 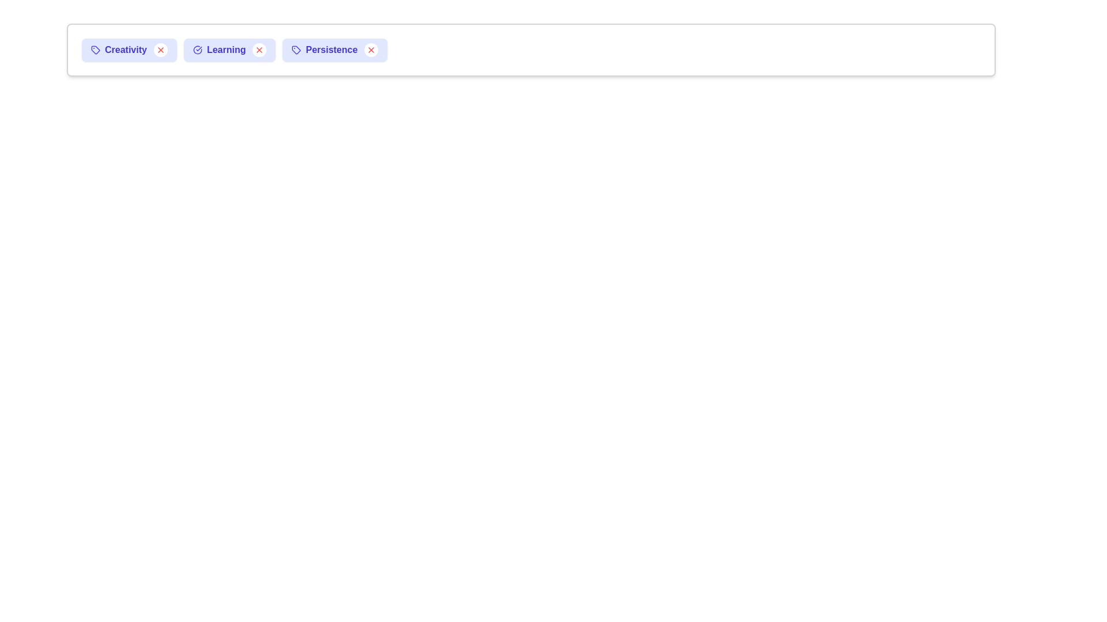 What do you see at coordinates (229, 50) in the screenshot?
I see `the chip labeled Learning to observe visual changes` at bounding box center [229, 50].